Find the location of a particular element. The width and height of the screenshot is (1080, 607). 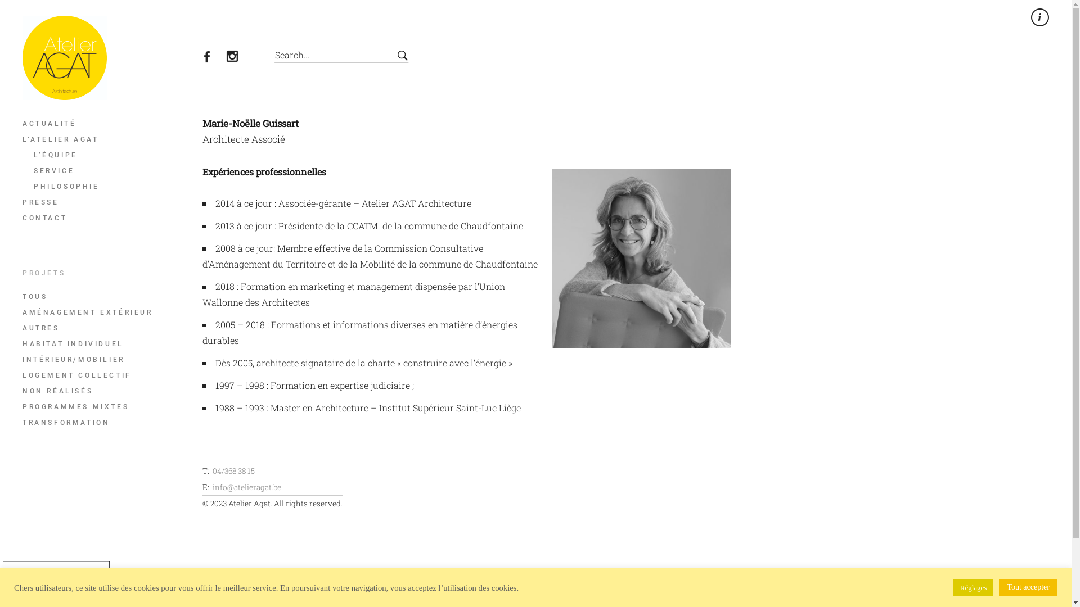

'FaceBook' is located at coordinates (213, 58).